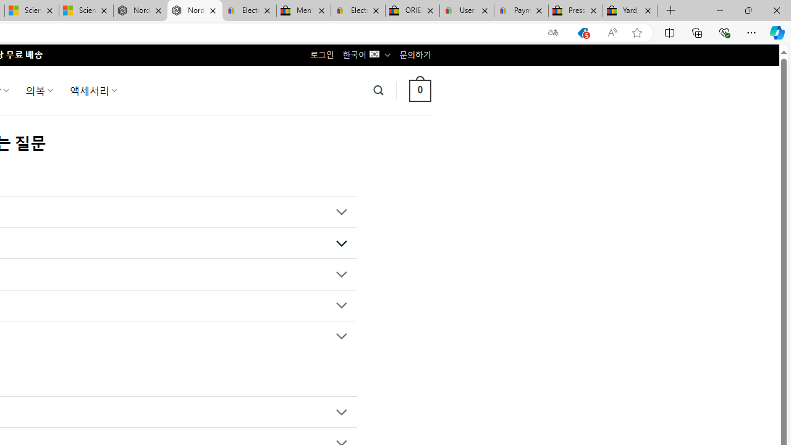 Image resolution: width=791 pixels, height=445 pixels. What do you see at coordinates (552, 32) in the screenshot?
I see `'Show translate options'` at bounding box center [552, 32].